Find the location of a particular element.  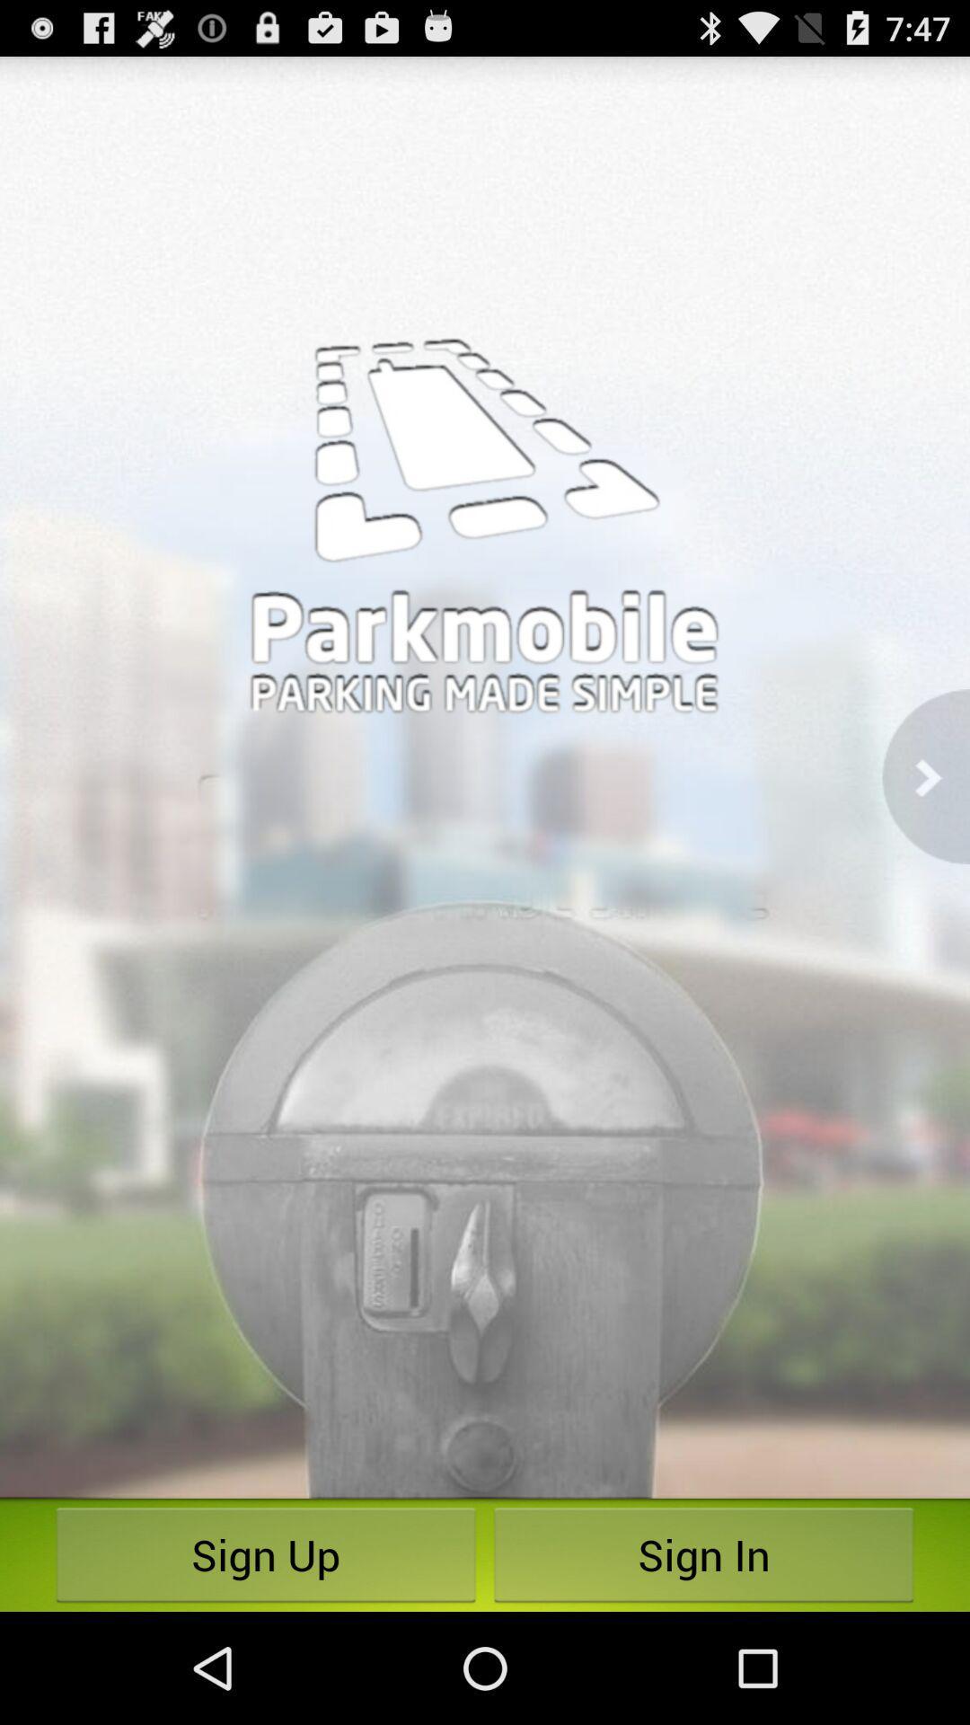

the item next to sign up is located at coordinates (702, 1554).